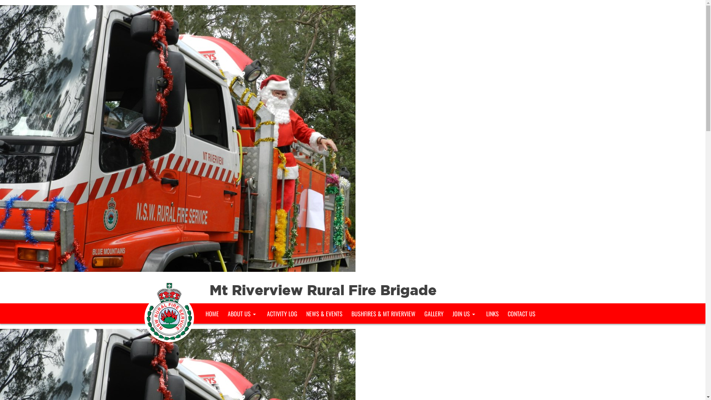  What do you see at coordinates (242, 314) in the screenshot?
I see `'ABOUT US'` at bounding box center [242, 314].